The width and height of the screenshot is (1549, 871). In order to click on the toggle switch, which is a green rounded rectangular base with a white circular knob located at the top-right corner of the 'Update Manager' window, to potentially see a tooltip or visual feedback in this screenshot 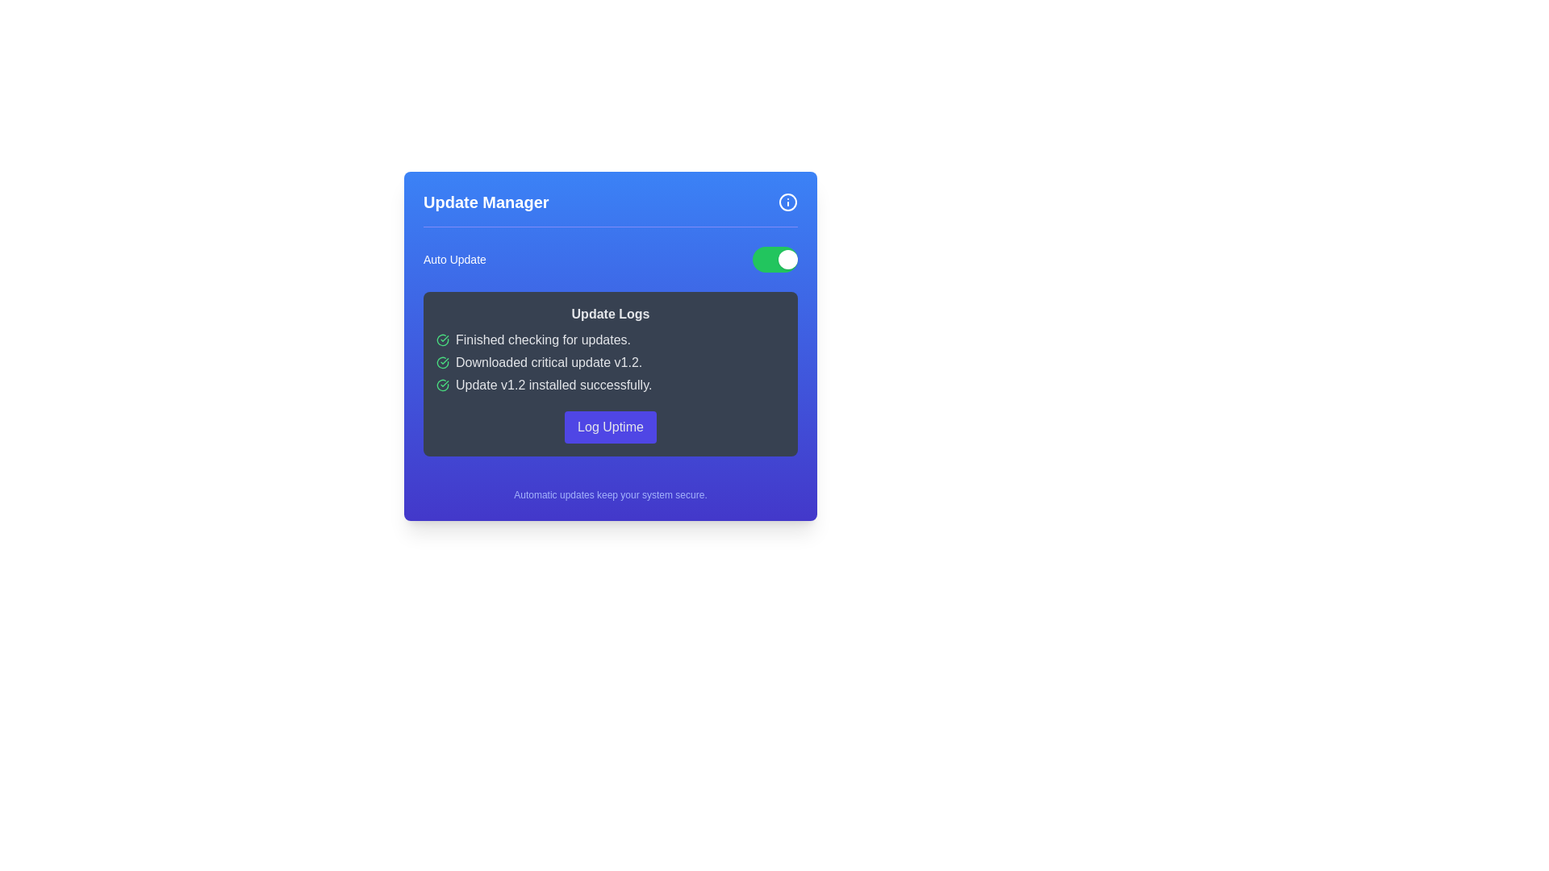, I will do `click(774, 258)`.